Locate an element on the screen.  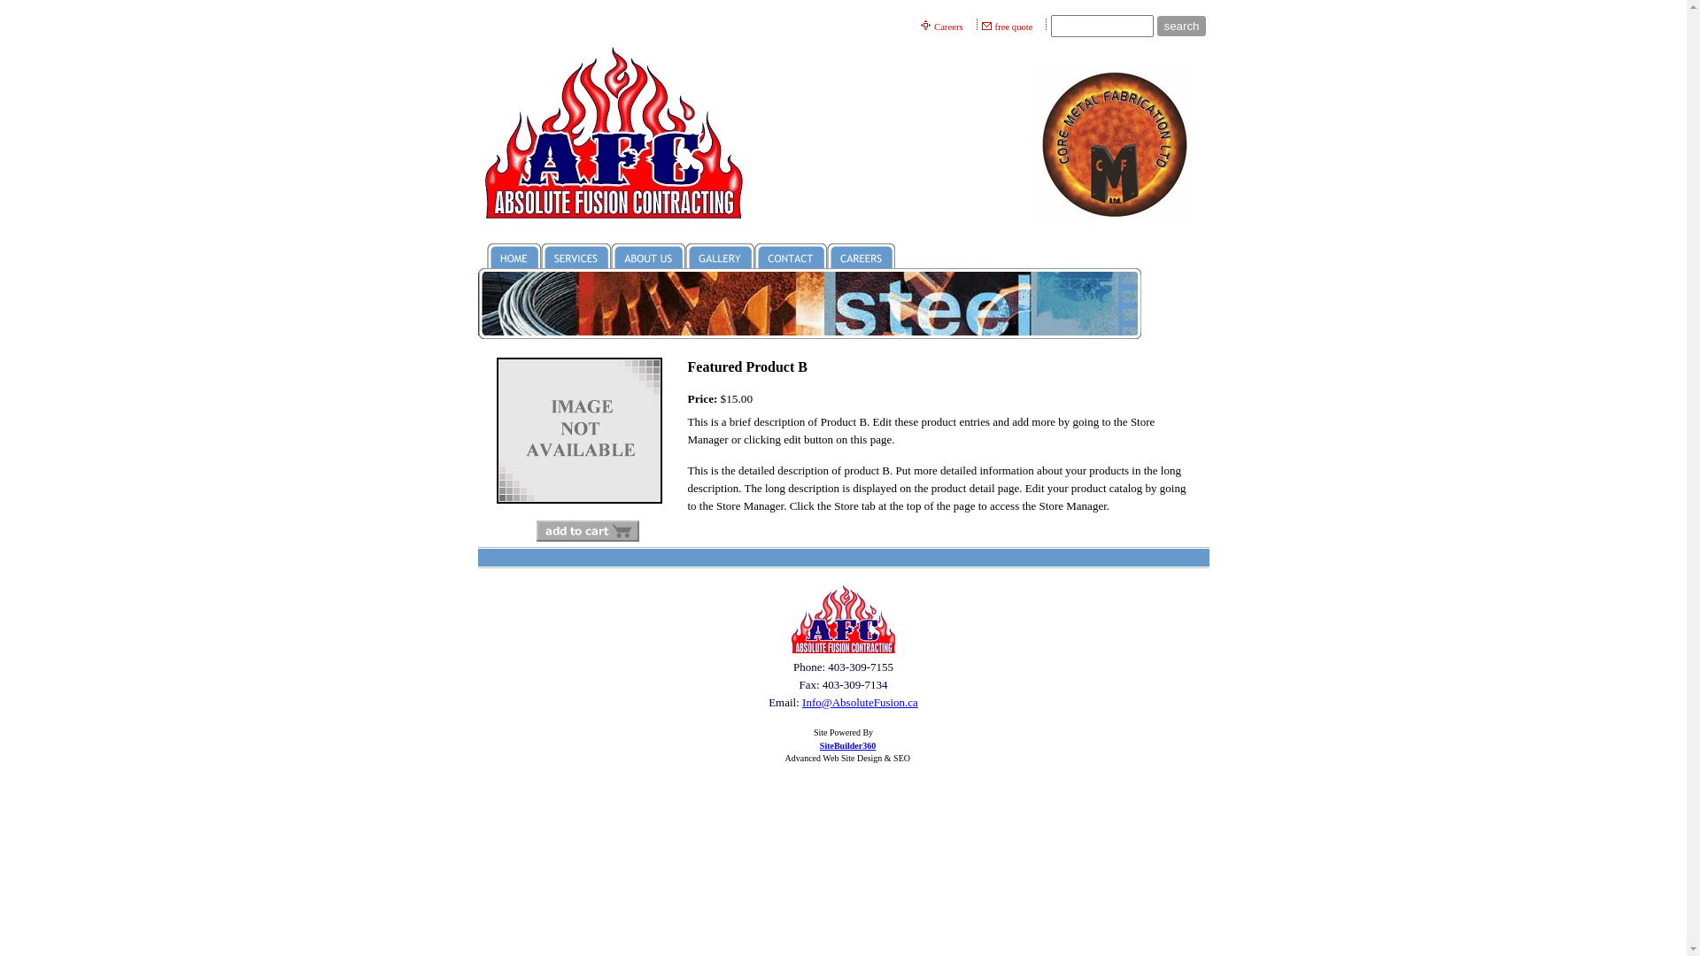
'SiteBuilder360' is located at coordinates (846, 745).